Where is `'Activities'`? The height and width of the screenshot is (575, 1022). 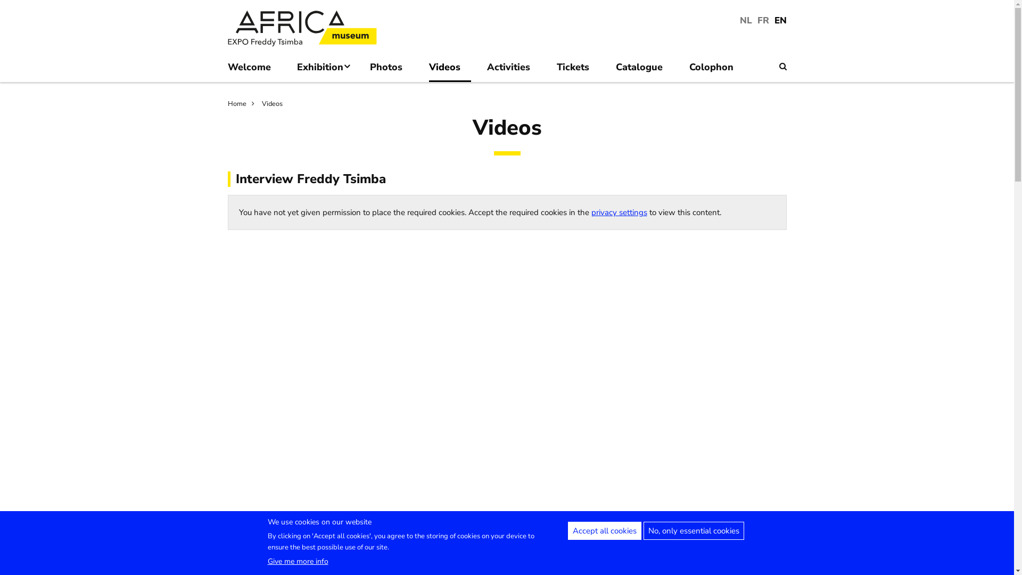 'Activities' is located at coordinates (514, 70).